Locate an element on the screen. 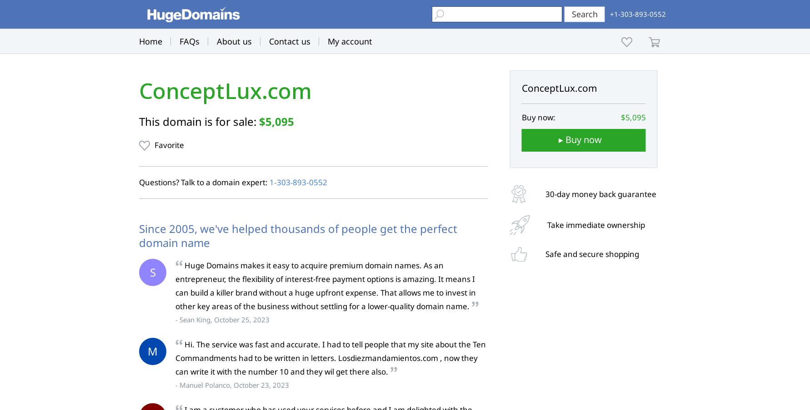  '$5,095' is located at coordinates (259, 121).